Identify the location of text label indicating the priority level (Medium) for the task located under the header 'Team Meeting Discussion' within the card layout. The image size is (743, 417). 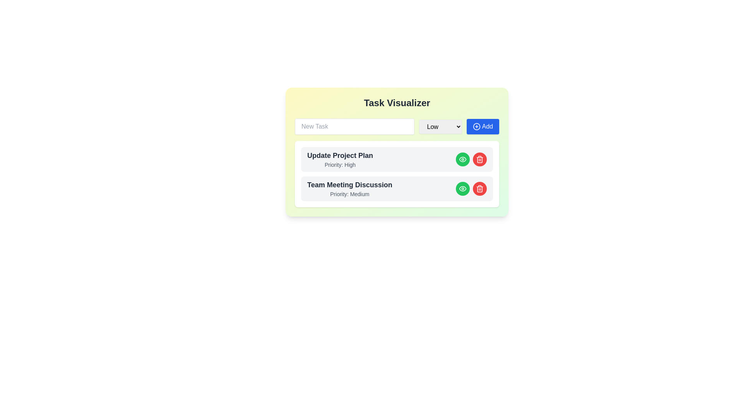
(349, 193).